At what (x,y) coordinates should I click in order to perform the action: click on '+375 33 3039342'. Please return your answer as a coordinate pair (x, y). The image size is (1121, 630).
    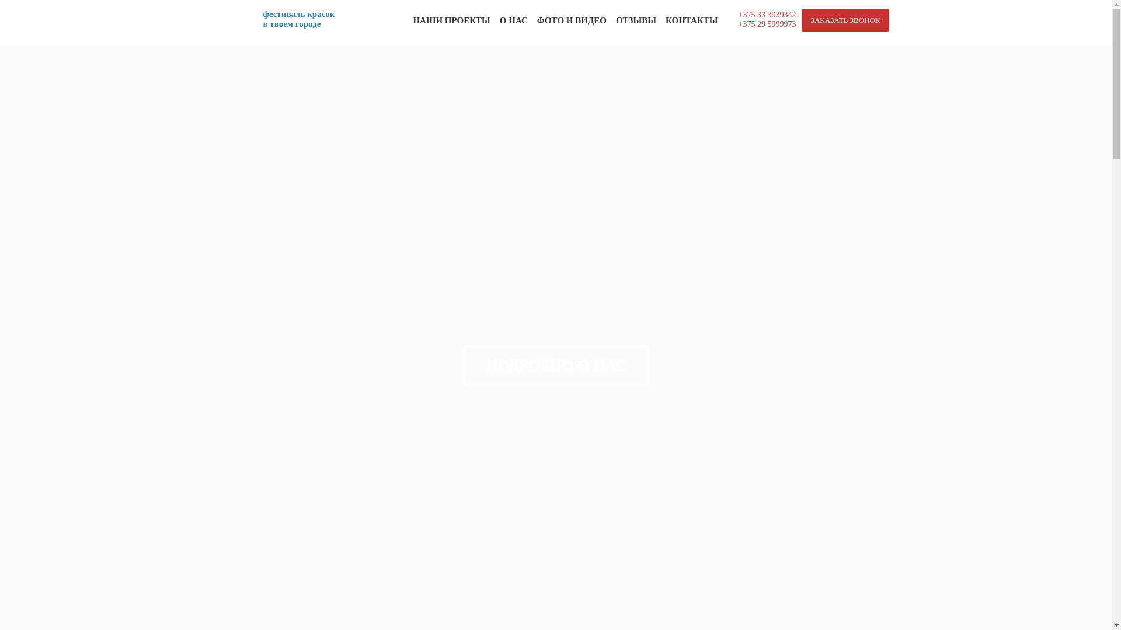
    Looking at the image, I should click on (767, 15).